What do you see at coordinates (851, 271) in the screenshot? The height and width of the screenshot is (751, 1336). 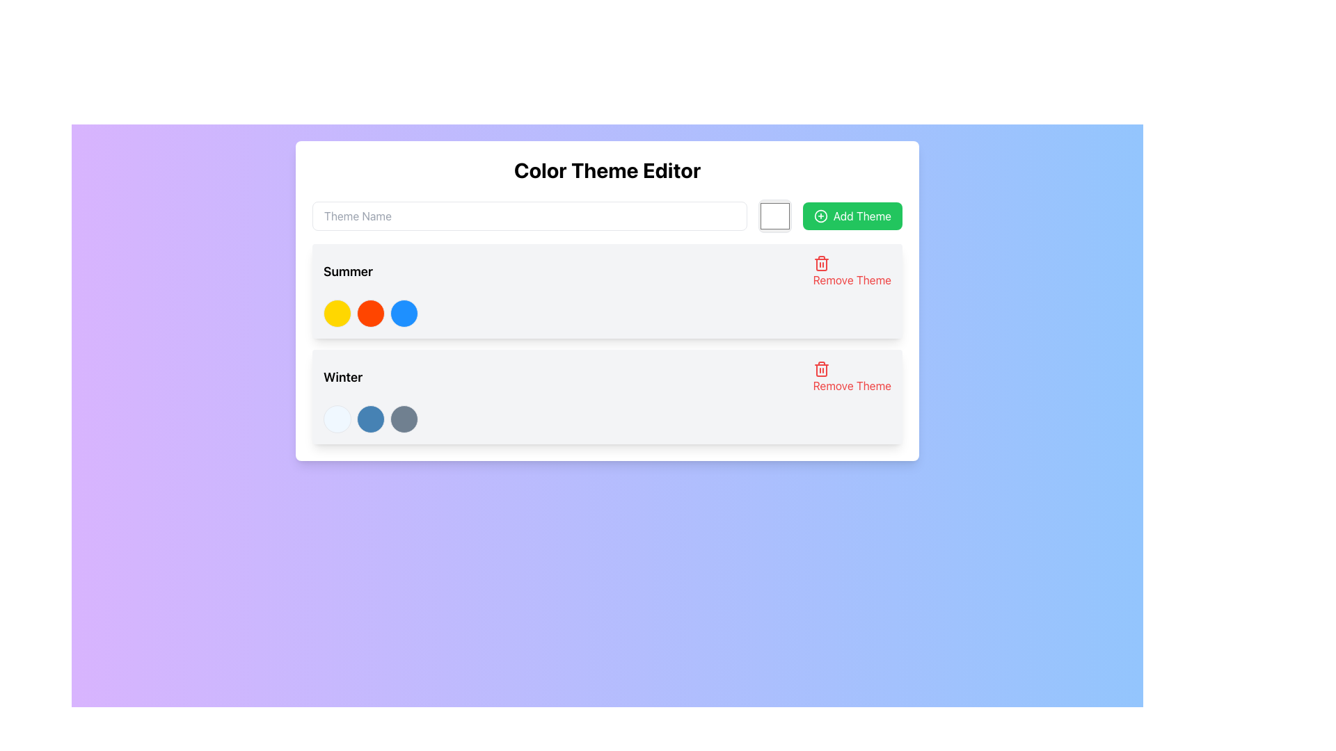 I see `the red-text button labeled 'Remove Theme' with a trash can icon, located adjacent to the 'Summer' section header, to observe the hover effect` at bounding box center [851, 271].